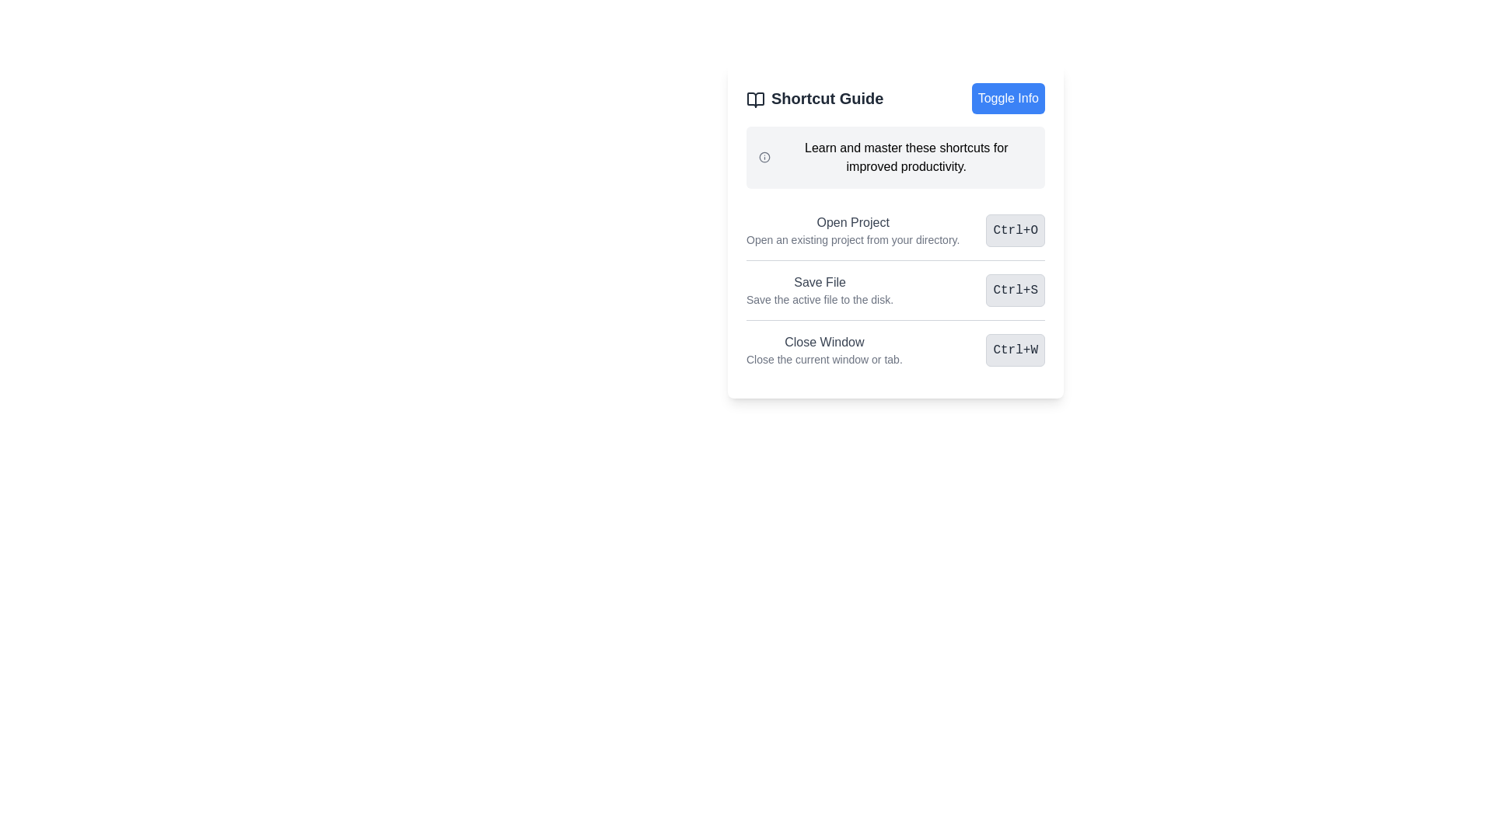  What do you see at coordinates (755, 99) in the screenshot?
I see `the Decorative Icon located in the top-left portion of the 'Shortcut Guide' panel, which serves as a visual cue related to the content of the section` at bounding box center [755, 99].